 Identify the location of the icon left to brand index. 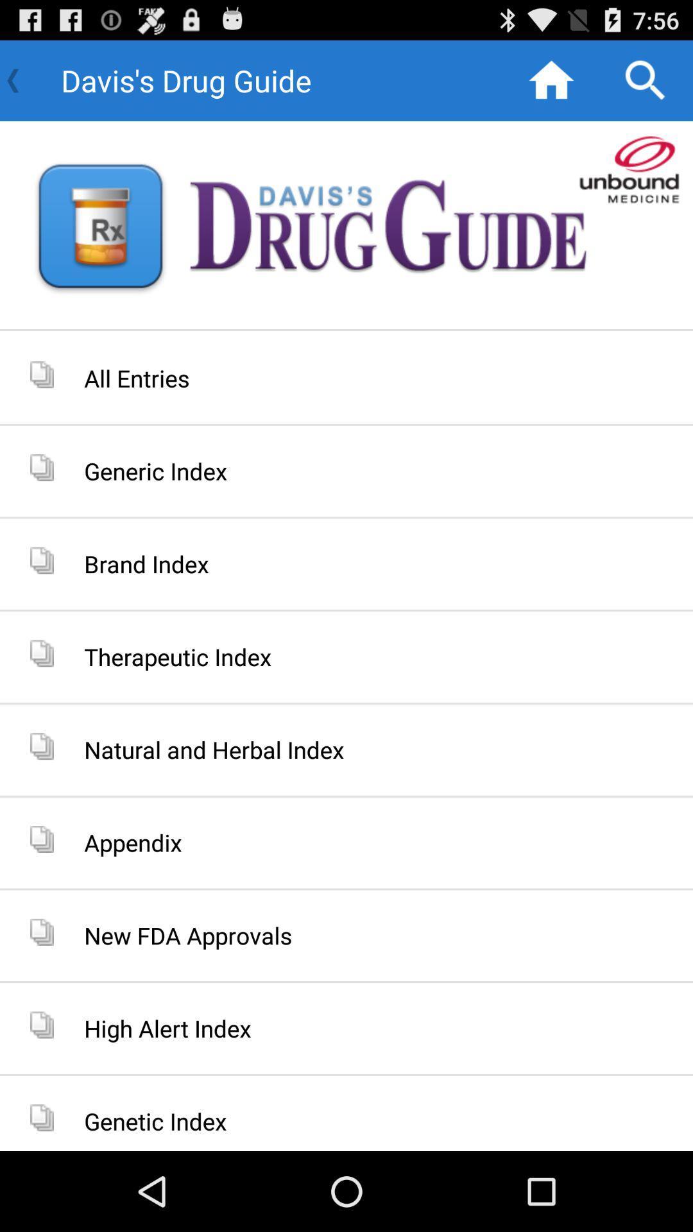
(41, 560).